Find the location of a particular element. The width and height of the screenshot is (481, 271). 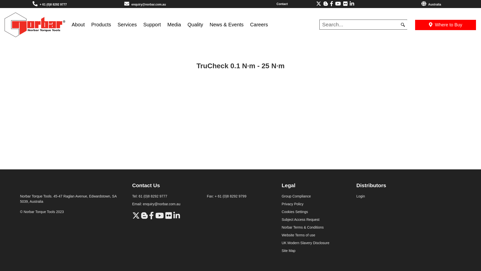

'Group Compliance' is located at coordinates (281, 196).